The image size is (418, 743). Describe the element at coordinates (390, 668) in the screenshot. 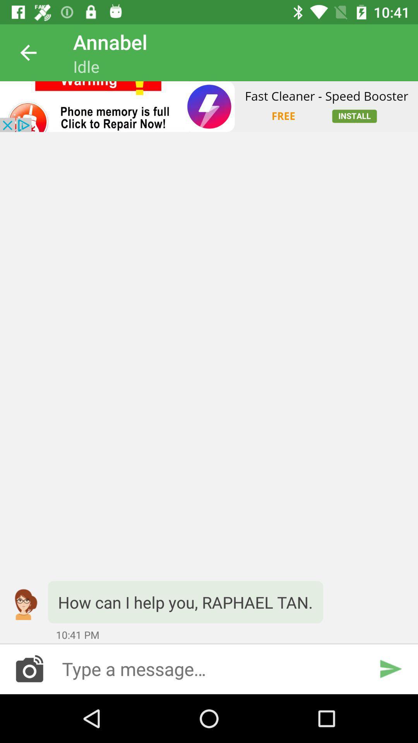

I see `the send icon` at that location.